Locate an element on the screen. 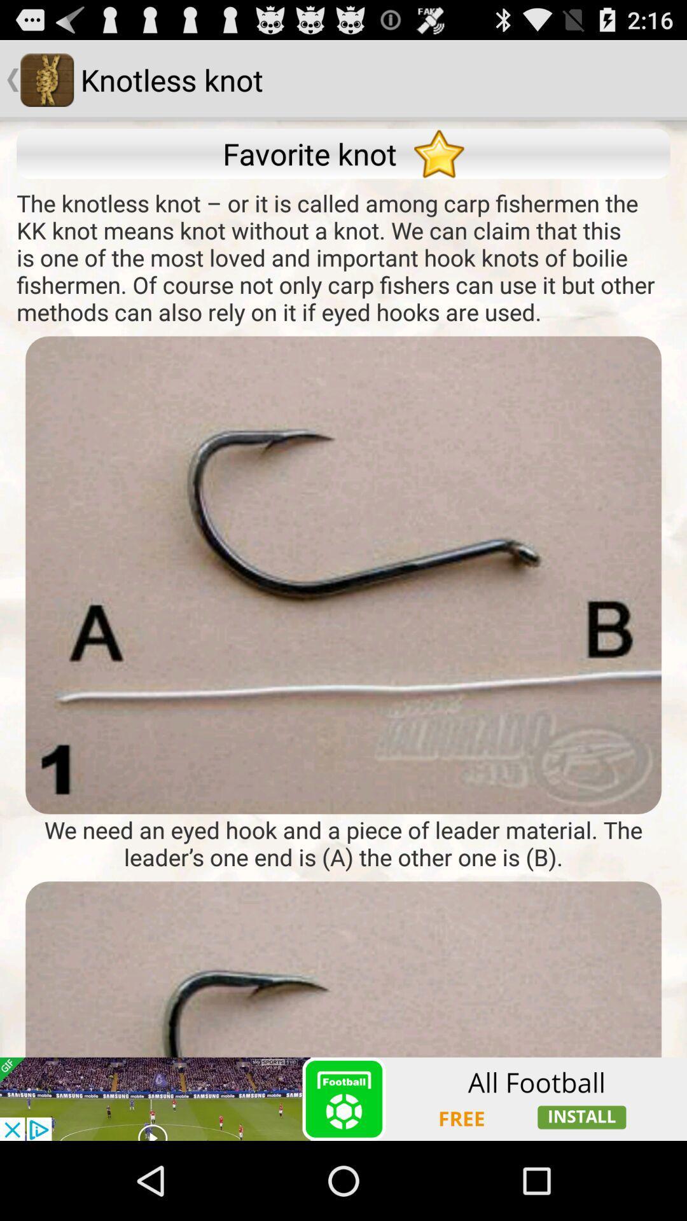  words is located at coordinates (343, 574).